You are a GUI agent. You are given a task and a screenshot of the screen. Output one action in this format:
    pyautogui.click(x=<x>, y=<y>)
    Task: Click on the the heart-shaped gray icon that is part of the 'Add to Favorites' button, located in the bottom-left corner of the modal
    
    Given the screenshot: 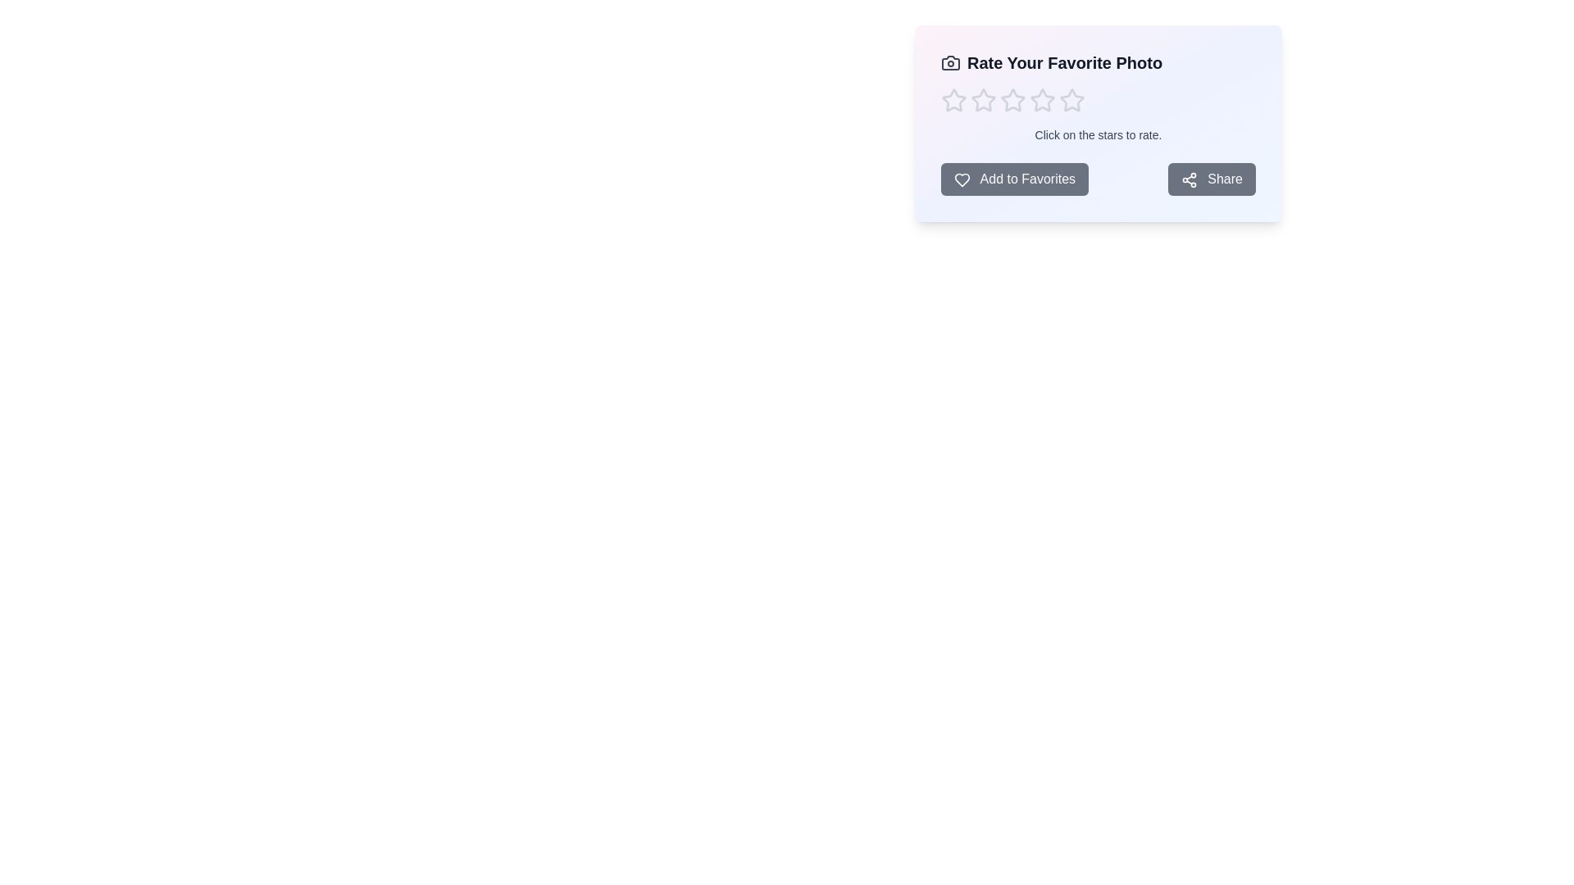 What is the action you would take?
    pyautogui.click(x=962, y=179)
    